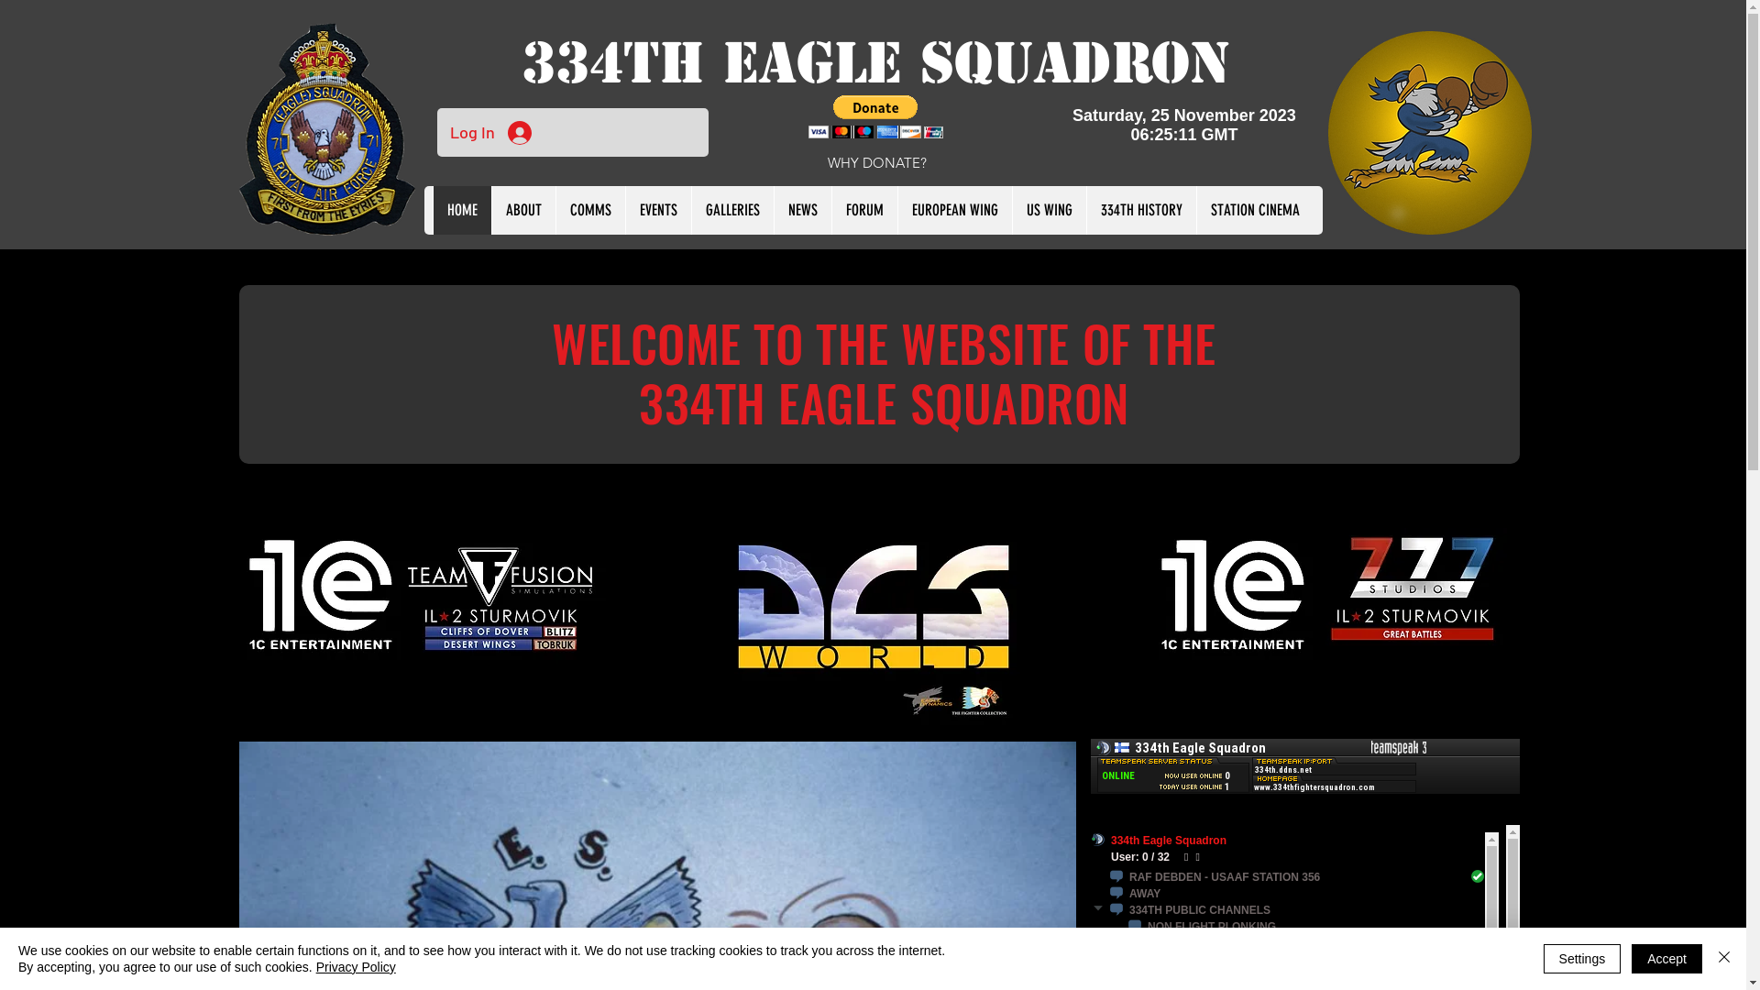 This screenshot has width=1760, height=990. I want to click on 'Accept', so click(1666, 957).